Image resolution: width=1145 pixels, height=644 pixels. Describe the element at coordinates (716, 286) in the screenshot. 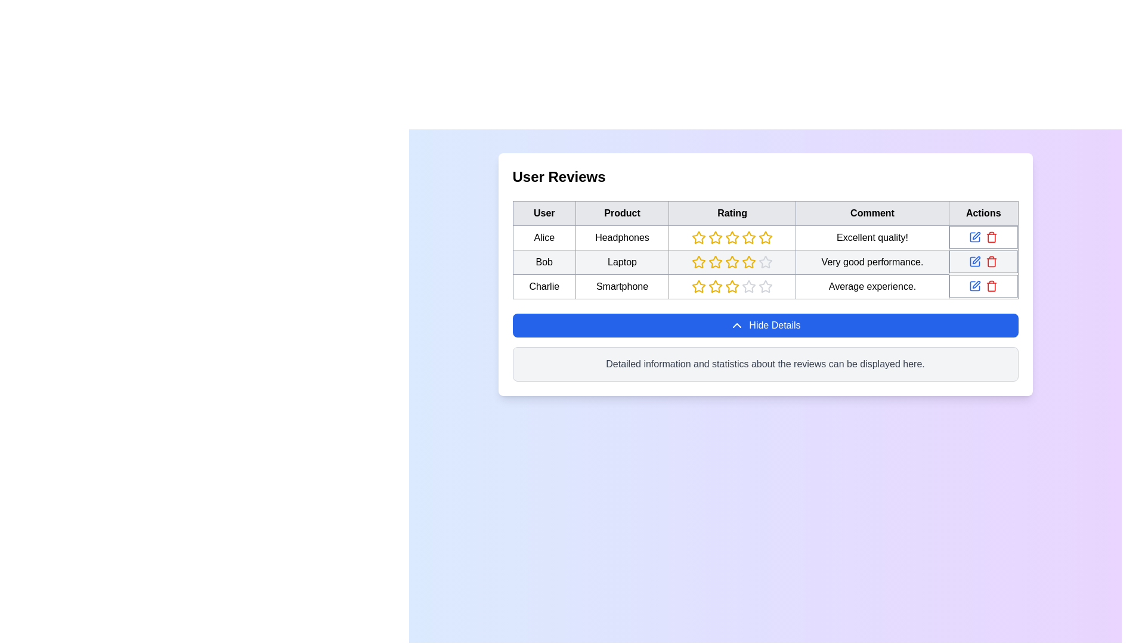

I see `the yellow outlined star icon in the third row associated with Charlie's review of the Smartphone product to rate it` at that location.